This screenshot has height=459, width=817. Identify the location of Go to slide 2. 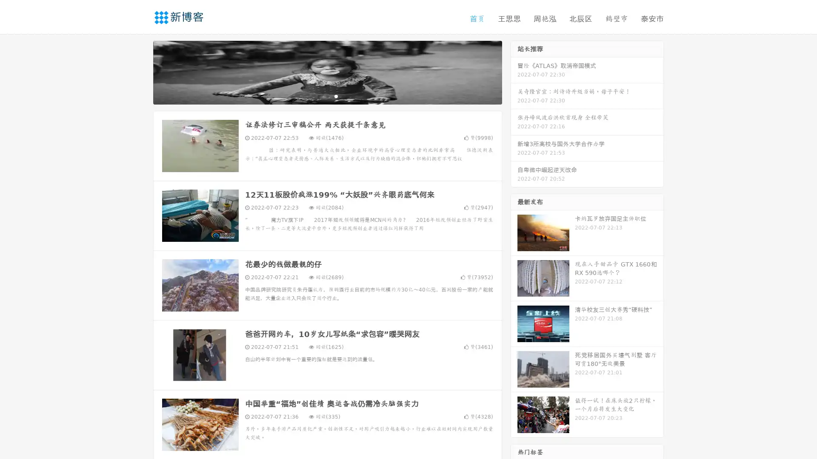
(327, 96).